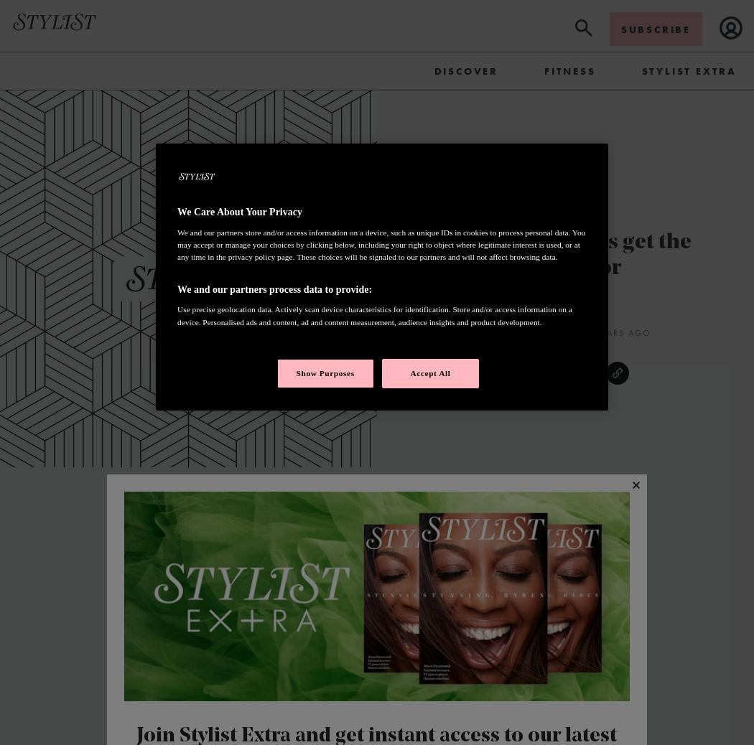 The width and height of the screenshot is (754, 745). What do you see at coordinates (615, 332) in the screenshot?
I see `'12 years ago'` at bounding box center [615, 332].